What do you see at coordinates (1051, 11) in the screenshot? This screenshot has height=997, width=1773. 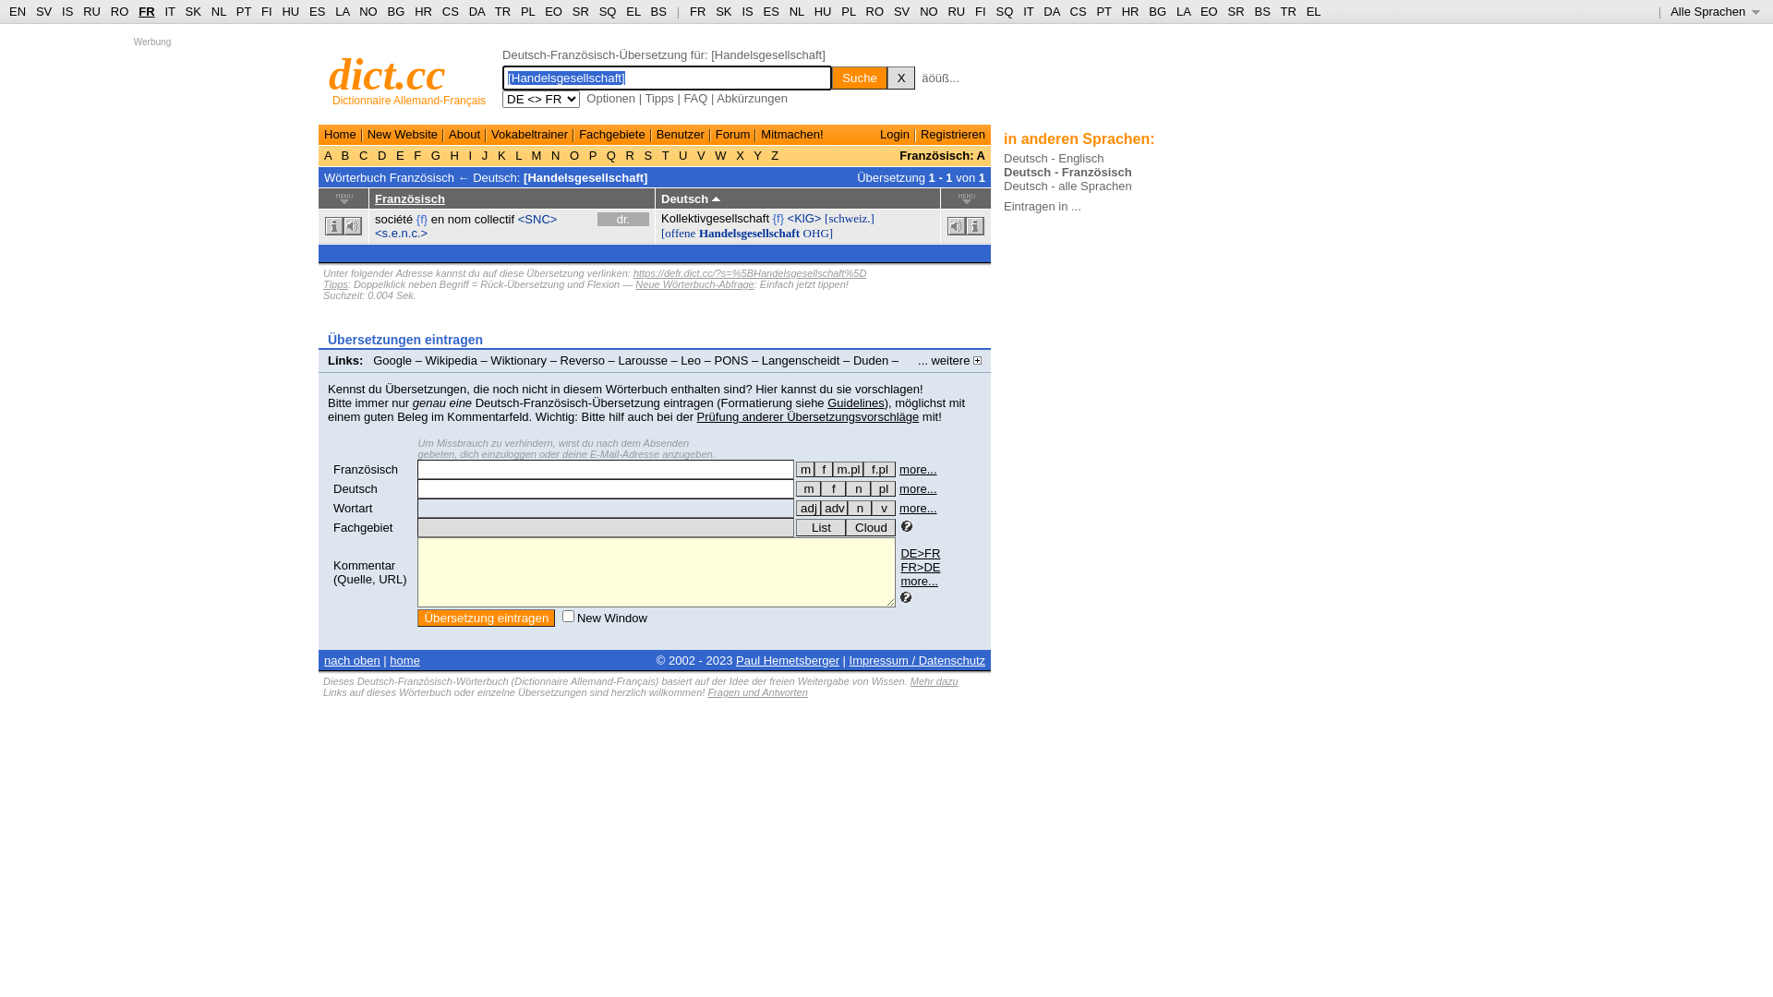 I see `'DA'` at bounding box center [1051, 11].